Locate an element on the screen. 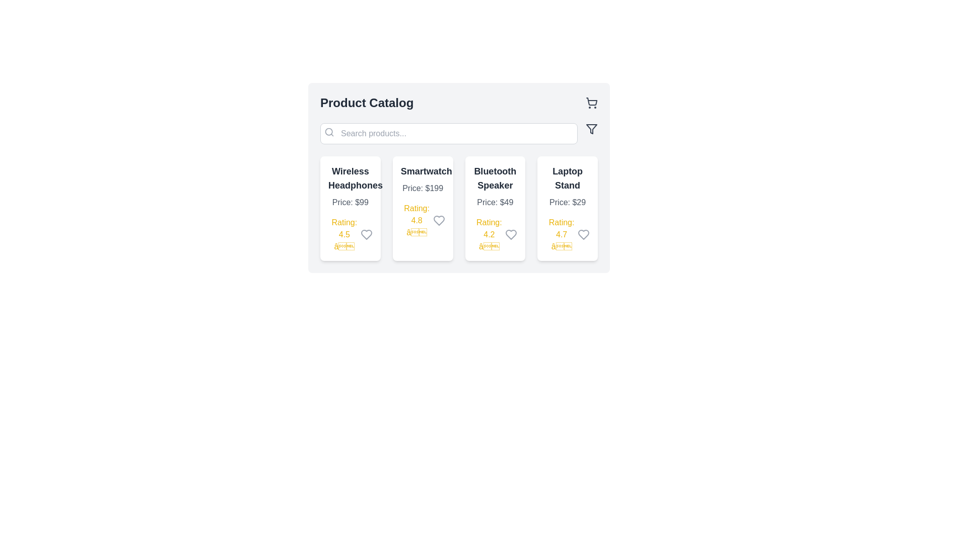  the heart-shaped icon located at the bottom-right corner of the 'Laptop Stand' product card to mark the item as favorite is located at coordinates (583, 234).